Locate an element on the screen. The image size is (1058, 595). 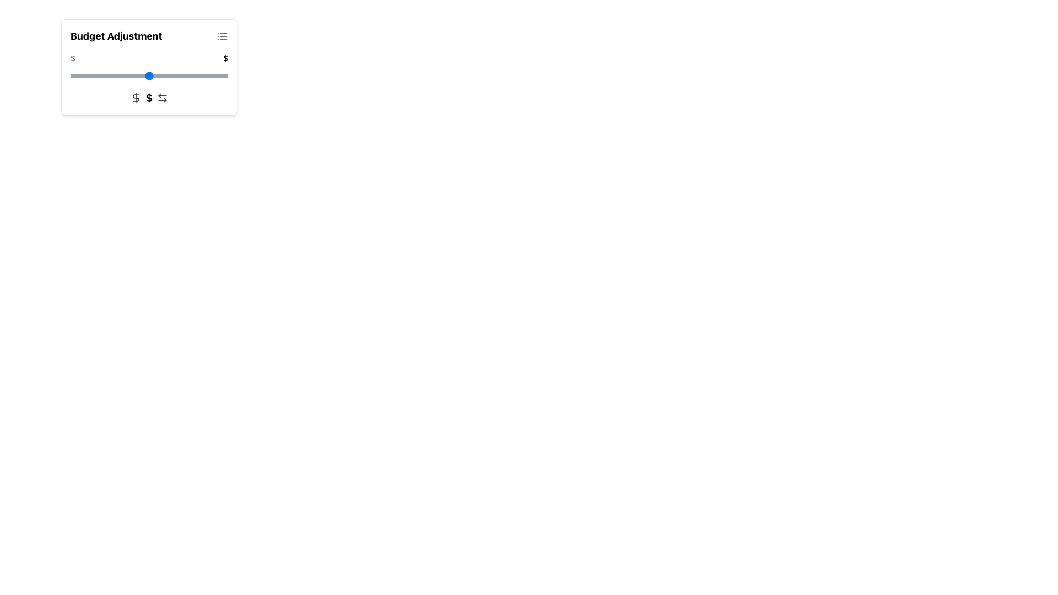
the Decorative Range Indicator located beneath the 'Budget Adjustment' title is located at coordinates (148, 58).